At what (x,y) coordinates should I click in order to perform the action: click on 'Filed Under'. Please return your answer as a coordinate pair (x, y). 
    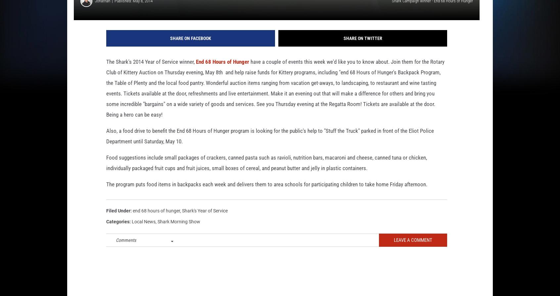
    Looking at the image, I should click on (118, 221).